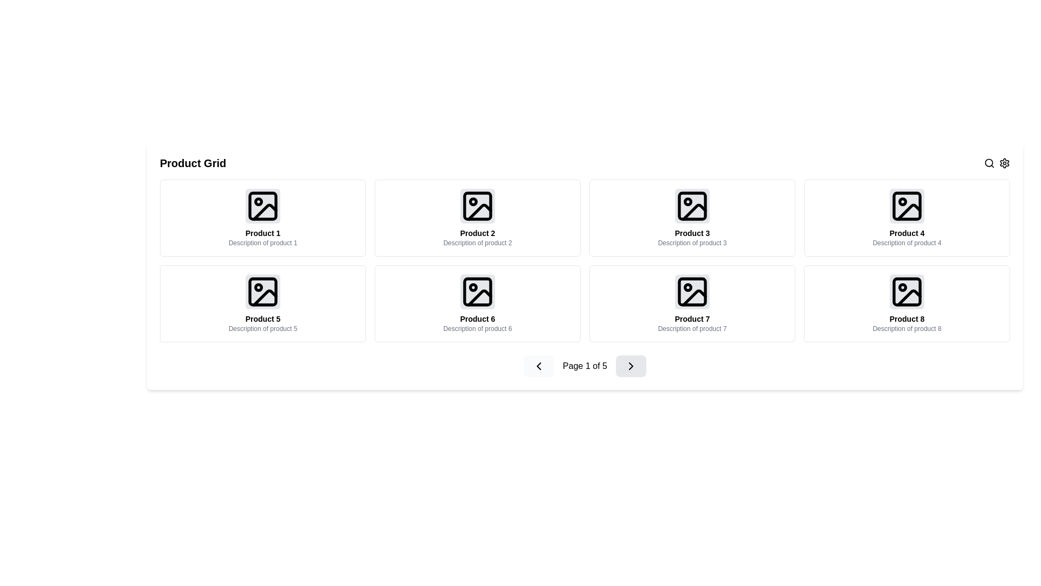 This screenshot has width=1041, height=586. Describe the element at coordinates (691, 206) in the screenshot. I see `the Decorative vector element within the icon of the card labeled 'Product 3', which is the third card from the left in the top row of the product grid` at that location.